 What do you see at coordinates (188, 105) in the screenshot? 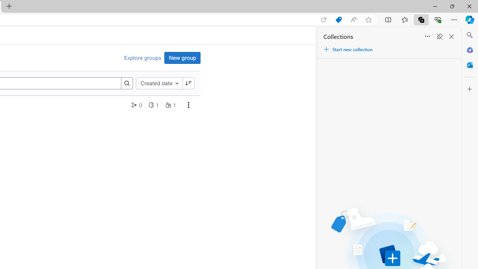
I see `'AutomationID: dropdown-toggle-btn-41'` at bounding box center [188, 105].